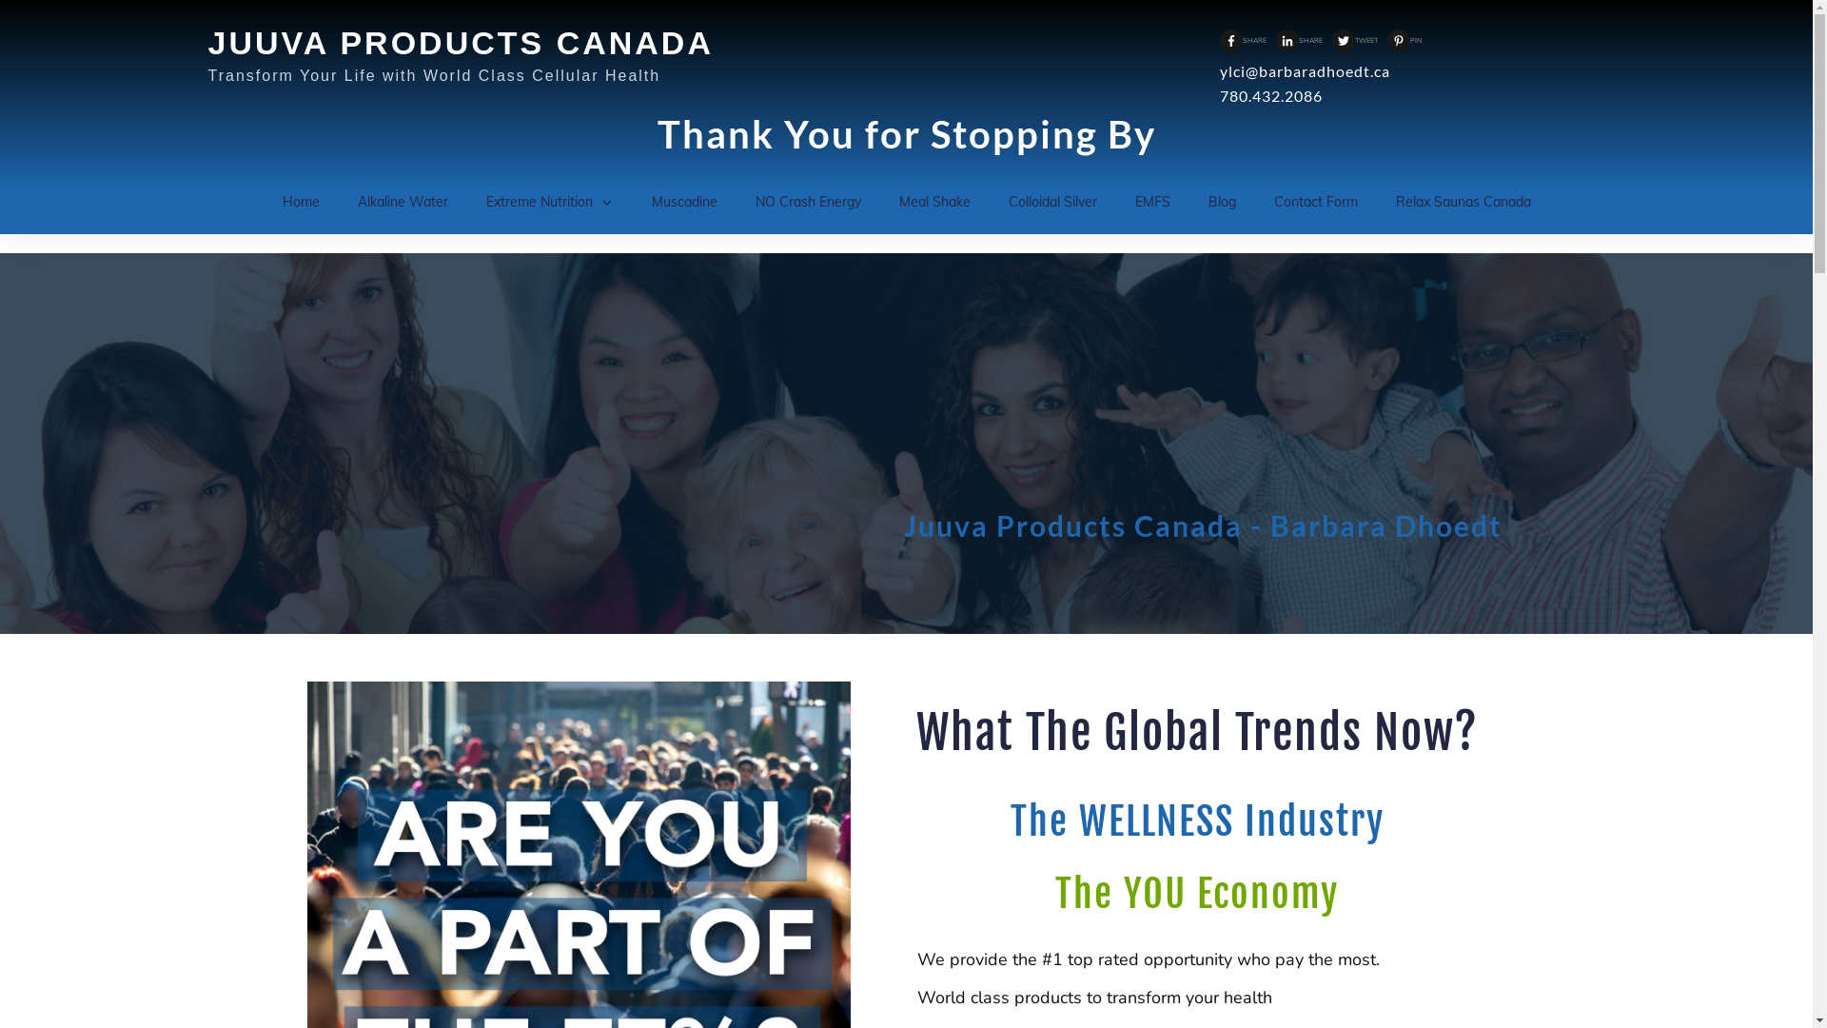 This screenshot has width=1827, height=1028. I want to click on 'Contact Form', so click(1314, 202).